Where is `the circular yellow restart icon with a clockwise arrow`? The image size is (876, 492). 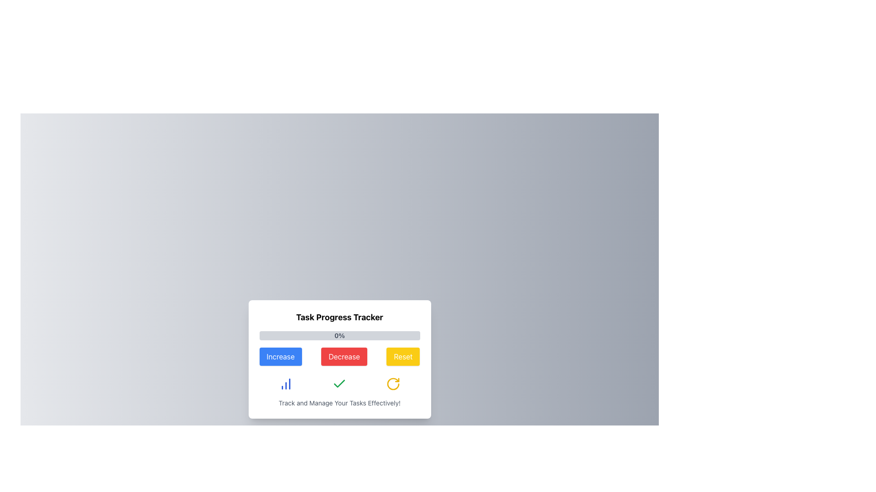
the circular yellow restart icon with a clockwise arrow is located at coordinates (393, 384).